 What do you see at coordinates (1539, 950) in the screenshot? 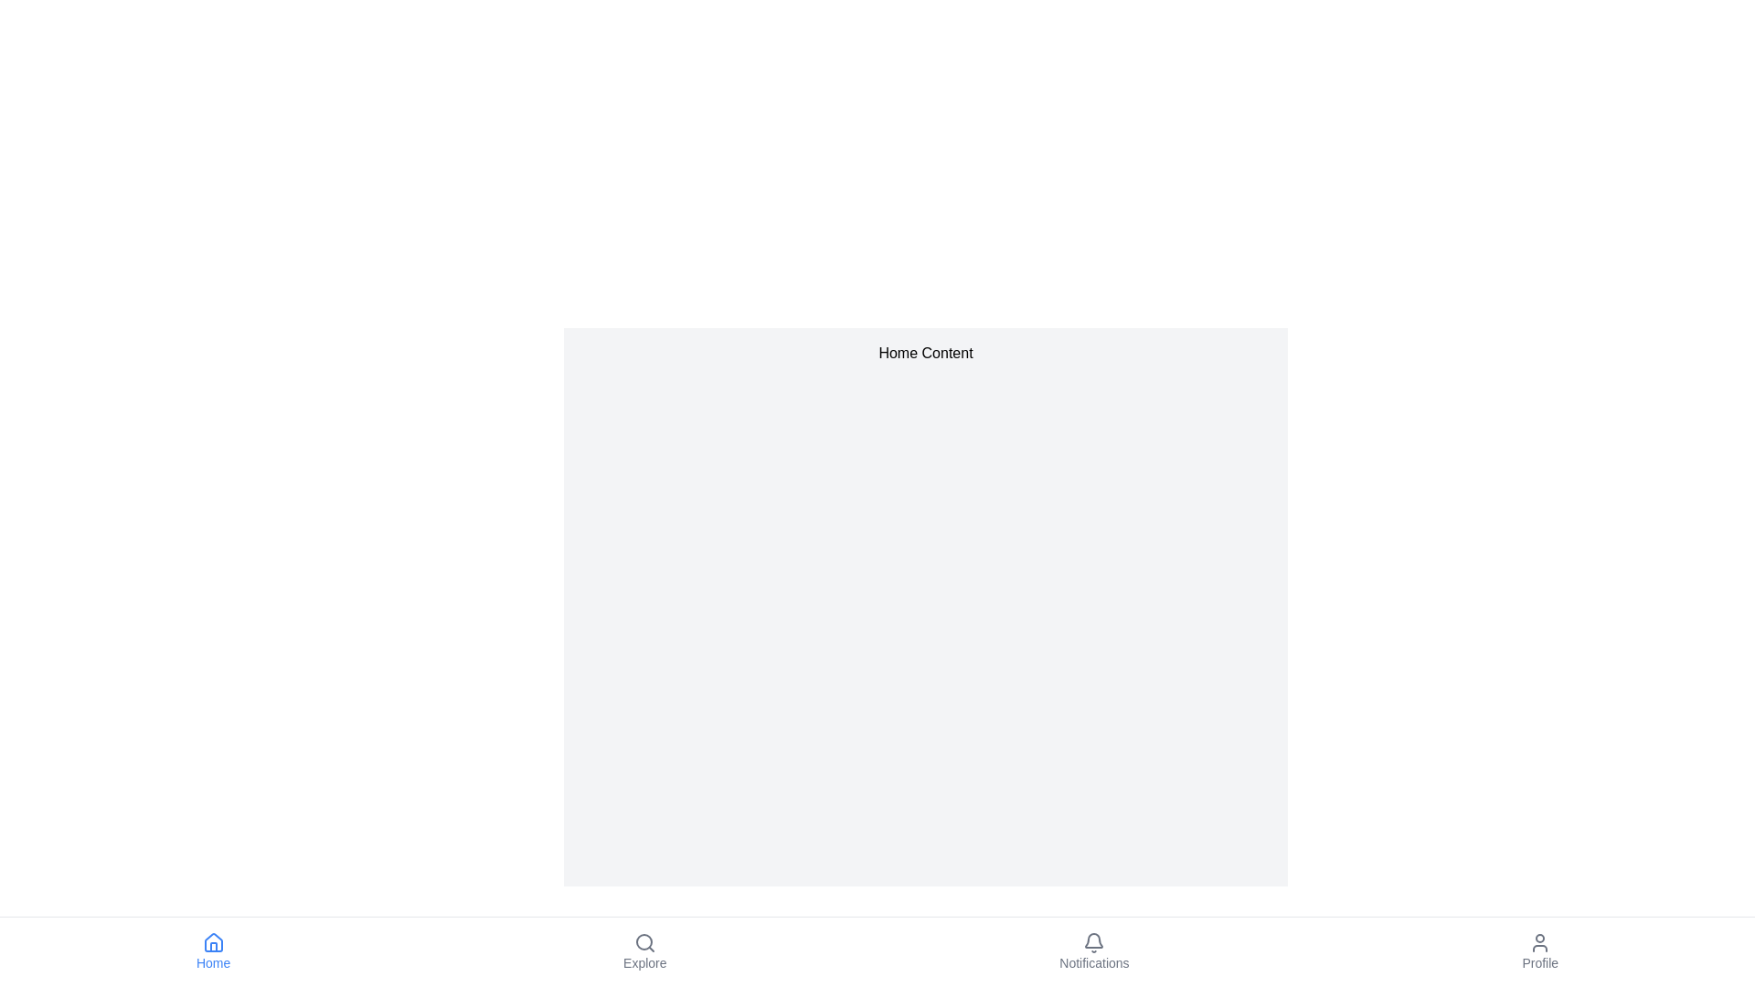
I see `the profile button in the bottom navigation bar` at bounding box center [1539, 950].